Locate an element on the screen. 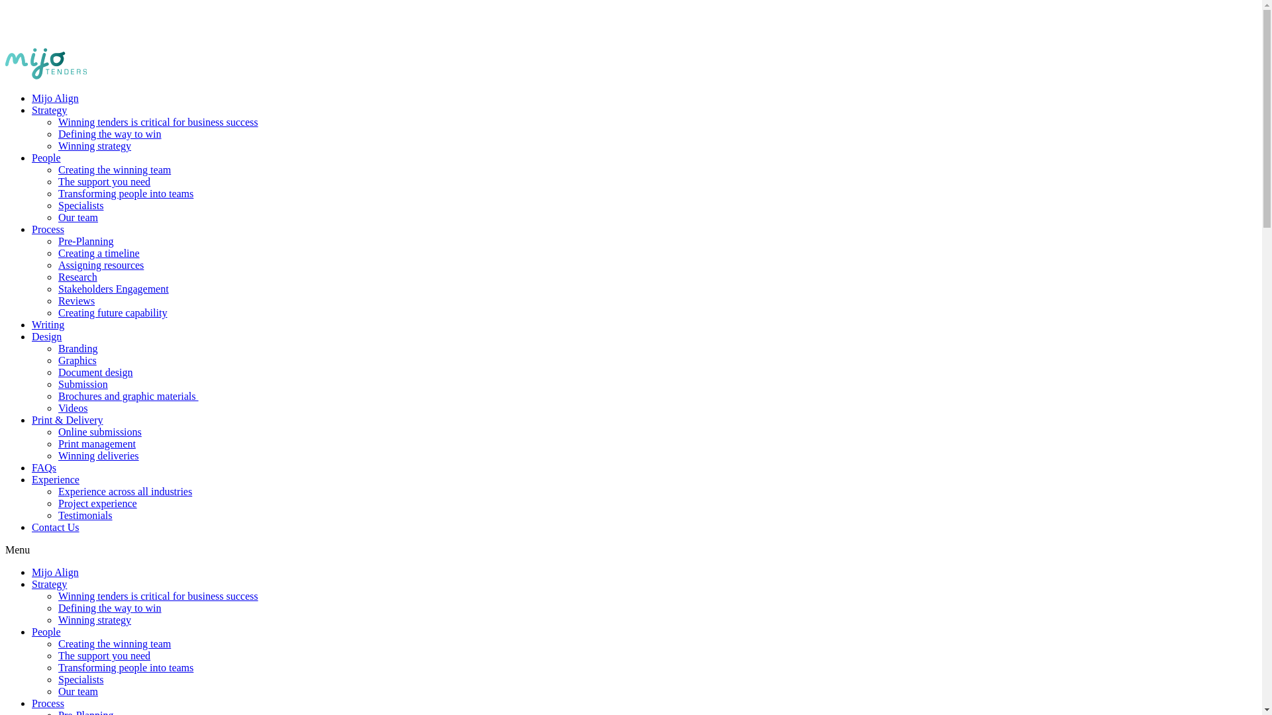 Image resolution: width=1272 pixels, height=715 pixels. 'Strategy' is located at coordinates (49, 583).